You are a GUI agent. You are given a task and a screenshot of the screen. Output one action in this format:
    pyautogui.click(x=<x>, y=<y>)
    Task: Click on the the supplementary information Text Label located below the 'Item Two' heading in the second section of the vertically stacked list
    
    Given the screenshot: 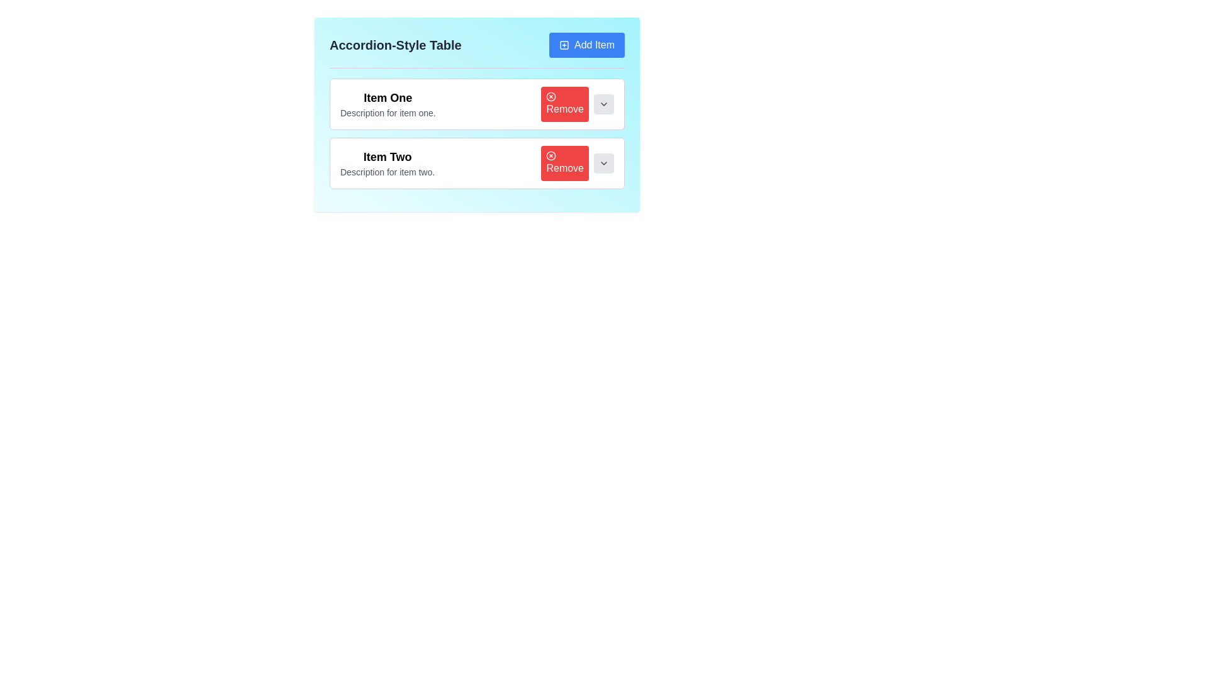 What is the action you would take?
    pyautogui.click(x=387, y=172)
    